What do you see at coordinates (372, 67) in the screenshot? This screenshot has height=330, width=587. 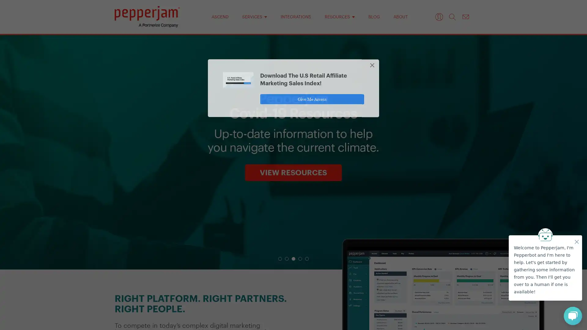 I see `Close` at bounding box center [372, 67].